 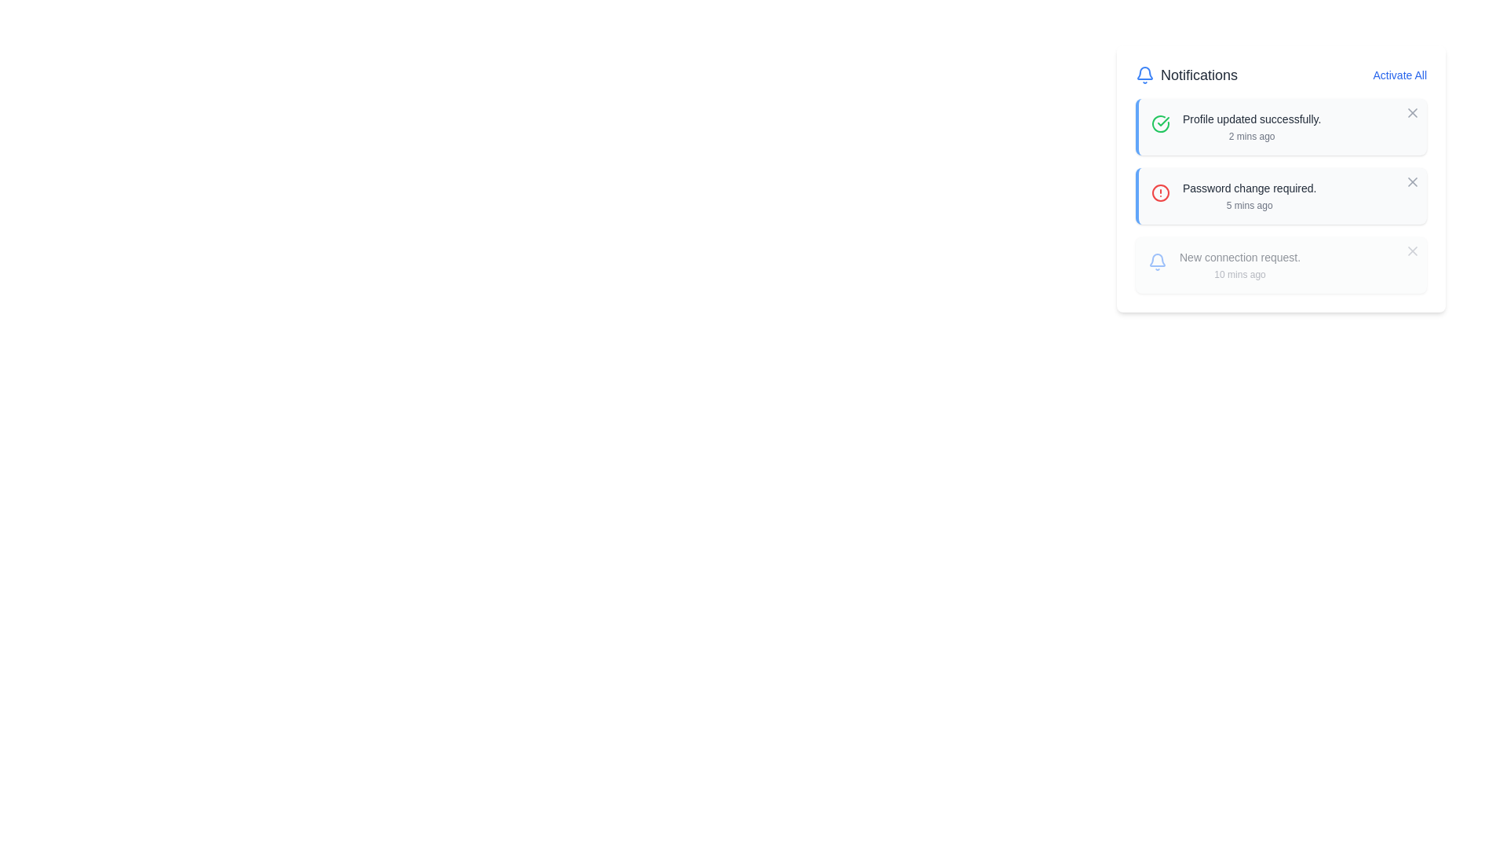 What do you see at coordinates (1249, 196) in the screenshot?
I see `the second notification in the right-aligned notification panel that informs users about a required password change, which is positioned below the 'Profile updated successfully.' notification and above the 'New connection request.' notification` at bounding box center [1249, 196].